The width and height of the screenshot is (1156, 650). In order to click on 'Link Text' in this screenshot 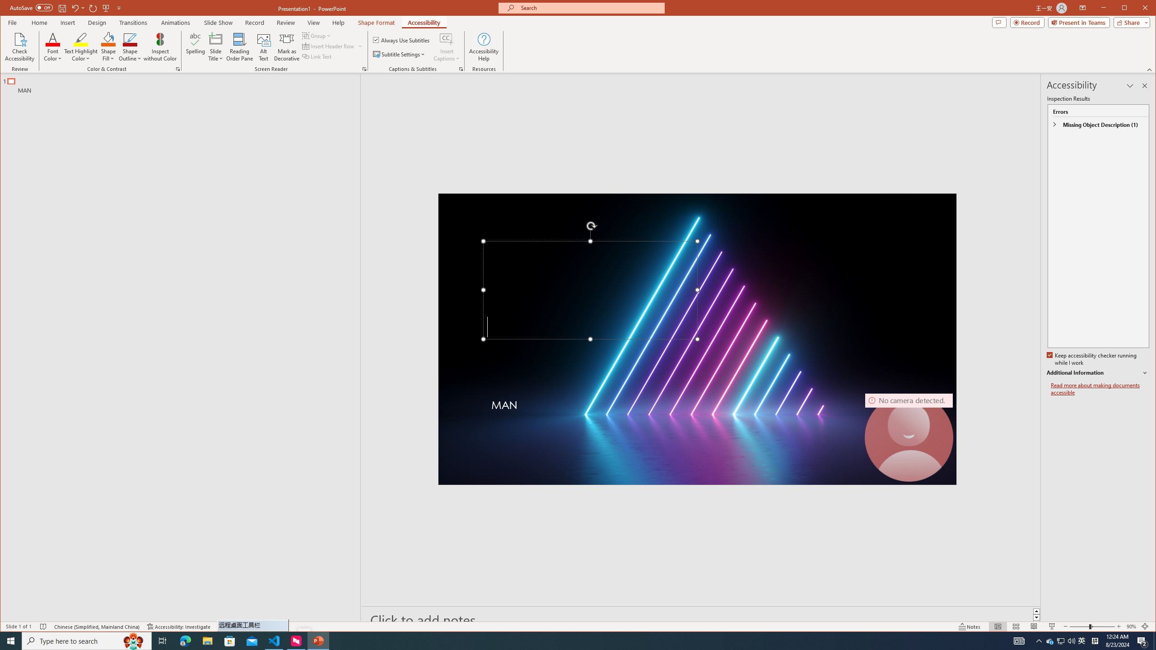, I will do `click(317, 56)`.